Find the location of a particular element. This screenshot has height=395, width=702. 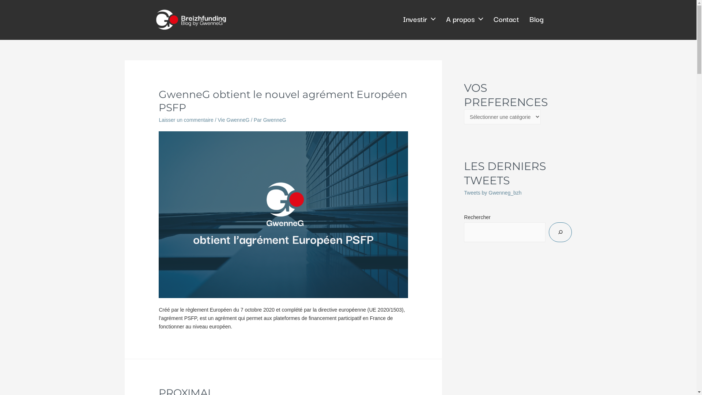

'A propos' is located at coordinates (461, 18).